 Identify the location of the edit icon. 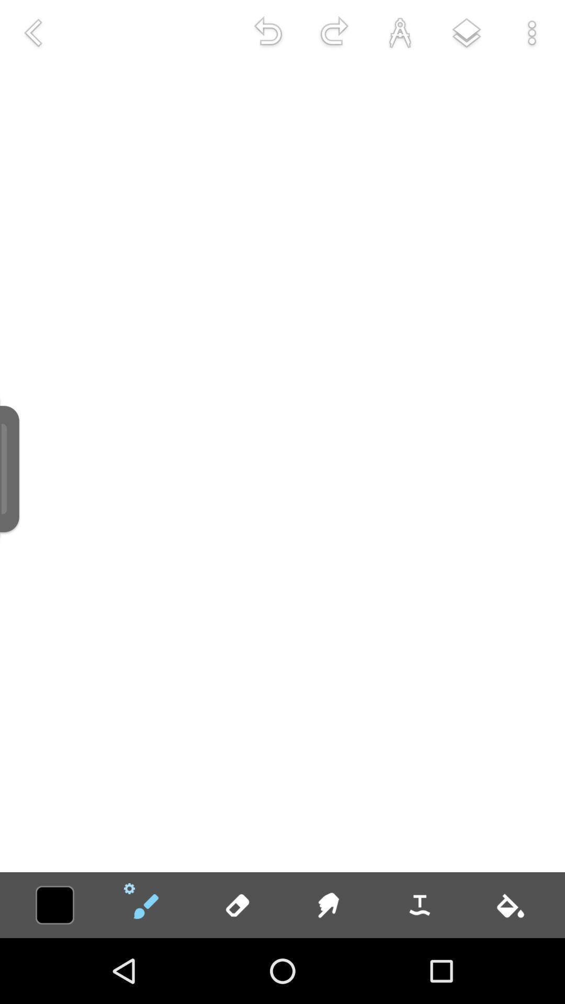
(145, 905).